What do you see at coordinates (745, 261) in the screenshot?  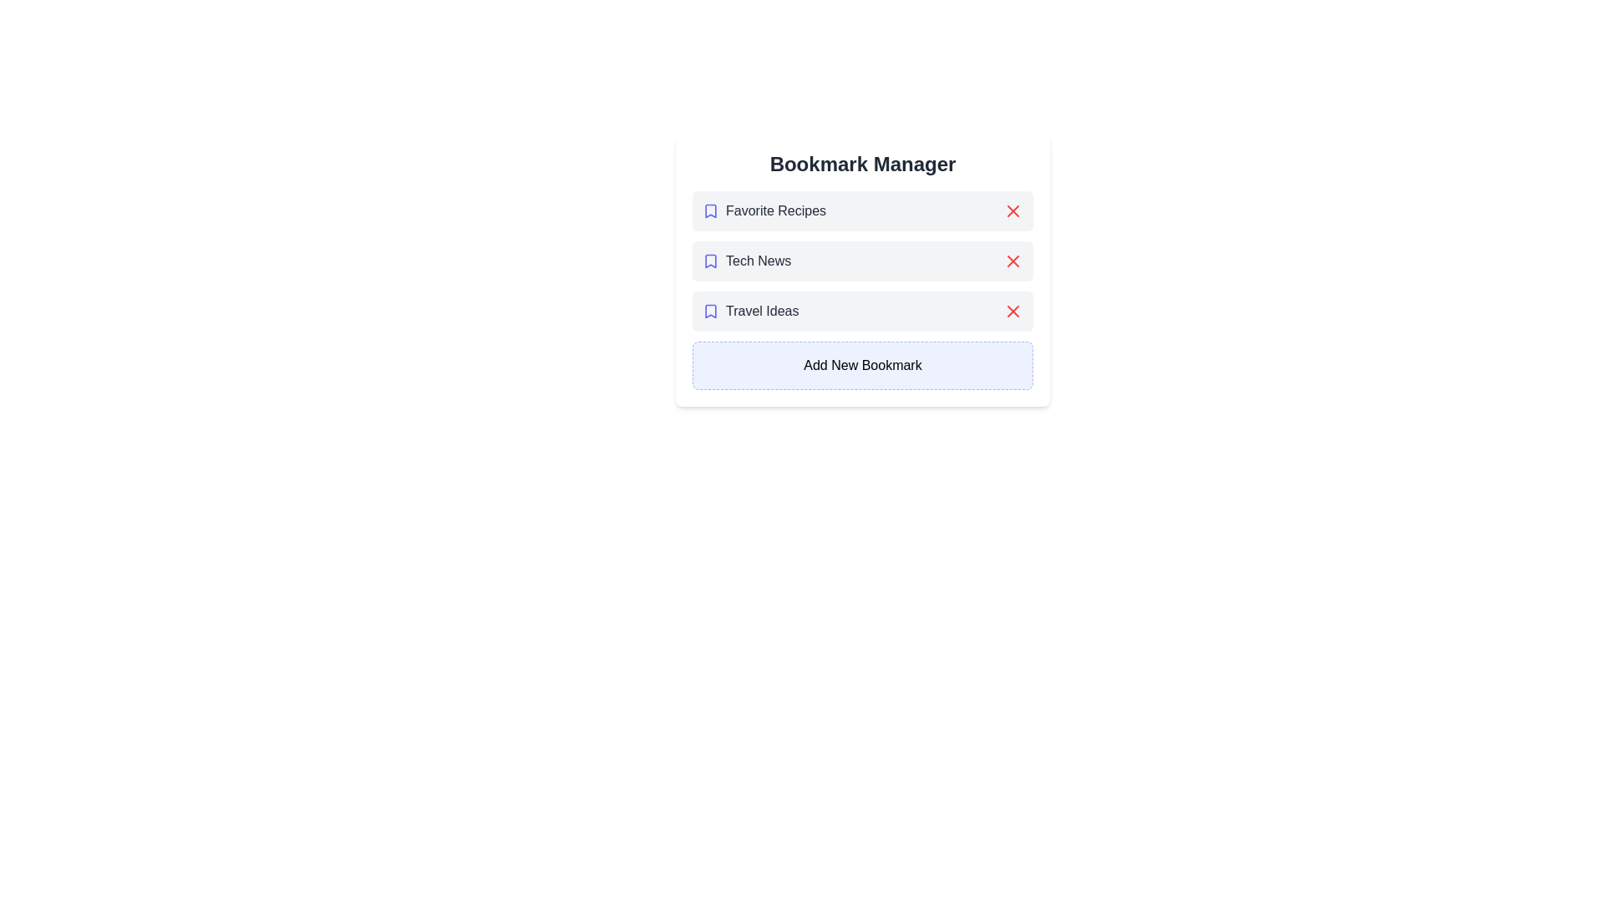 I see `the bookmark titled Tech News to navigate to its URL` at bounding box center [745, 261].